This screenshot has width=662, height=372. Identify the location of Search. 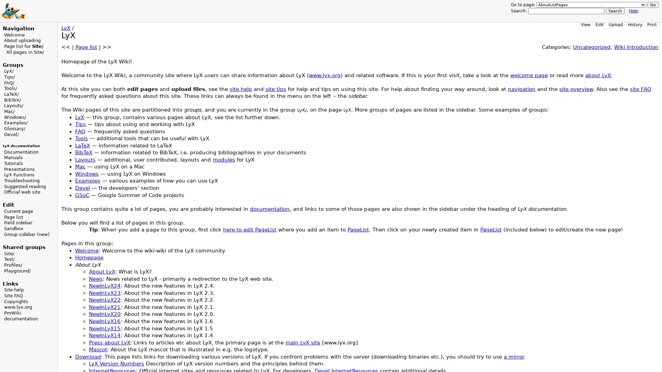
(615, 11).